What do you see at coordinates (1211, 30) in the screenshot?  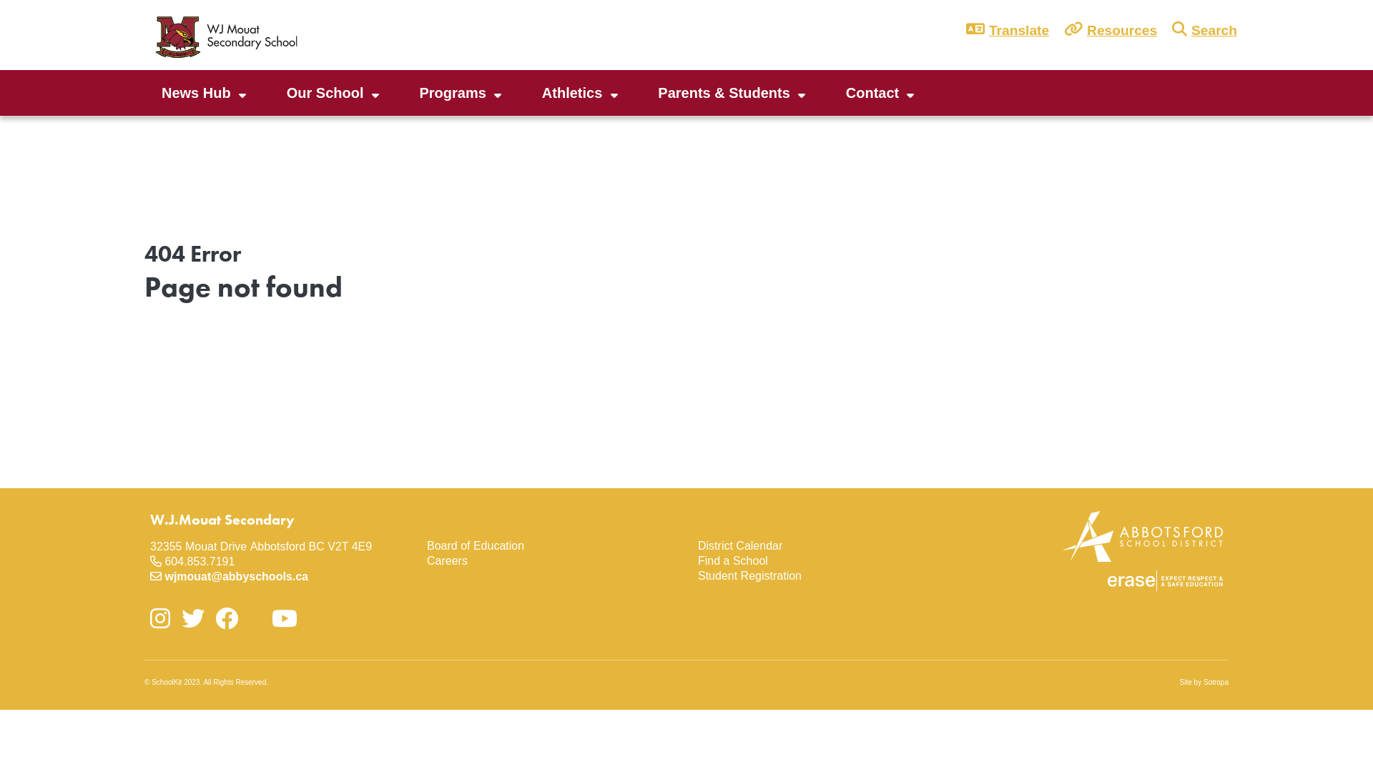 I see `'Search'` at bounding box center [1211, 30].